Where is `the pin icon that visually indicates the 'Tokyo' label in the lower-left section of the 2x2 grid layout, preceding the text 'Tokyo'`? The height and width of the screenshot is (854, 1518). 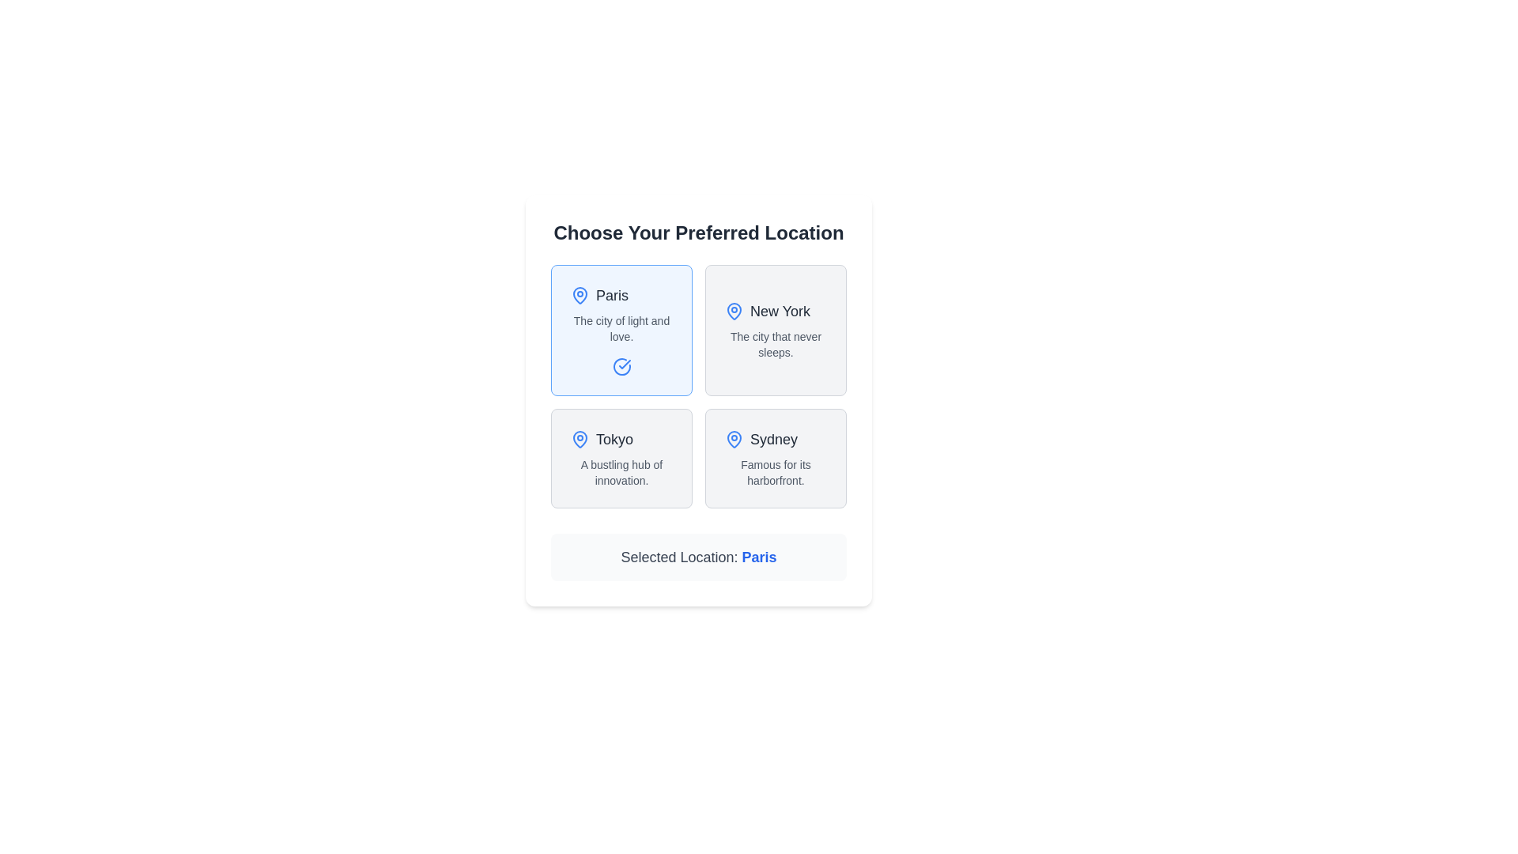
the pin icon that visually indicates the 'Tokyo' label in the lower-left section of the 2x2 grid layout, preceding the text 'Tokyo' is located at coordinates (580, 439).